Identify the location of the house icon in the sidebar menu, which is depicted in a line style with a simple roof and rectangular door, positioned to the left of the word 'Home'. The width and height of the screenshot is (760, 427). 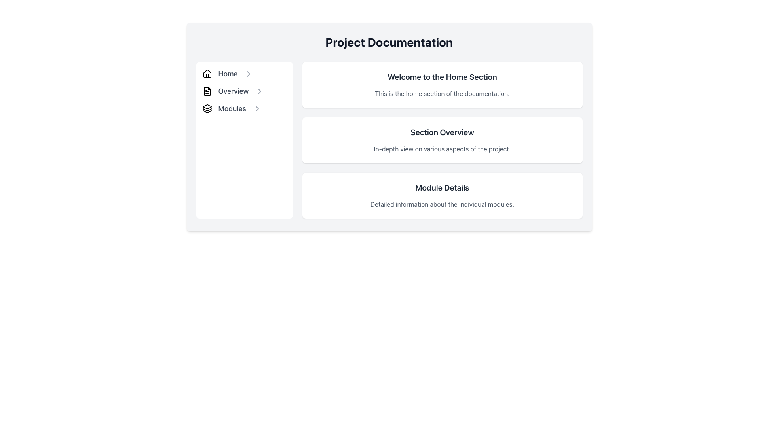
(207, 74).